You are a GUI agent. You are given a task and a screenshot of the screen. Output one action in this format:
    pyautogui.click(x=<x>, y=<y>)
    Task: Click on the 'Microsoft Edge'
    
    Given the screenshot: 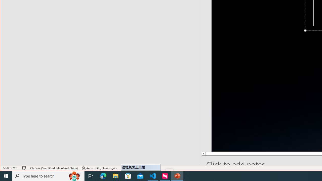 What is the action you would take?
    pyautogui.click(x=103, y=175)
    